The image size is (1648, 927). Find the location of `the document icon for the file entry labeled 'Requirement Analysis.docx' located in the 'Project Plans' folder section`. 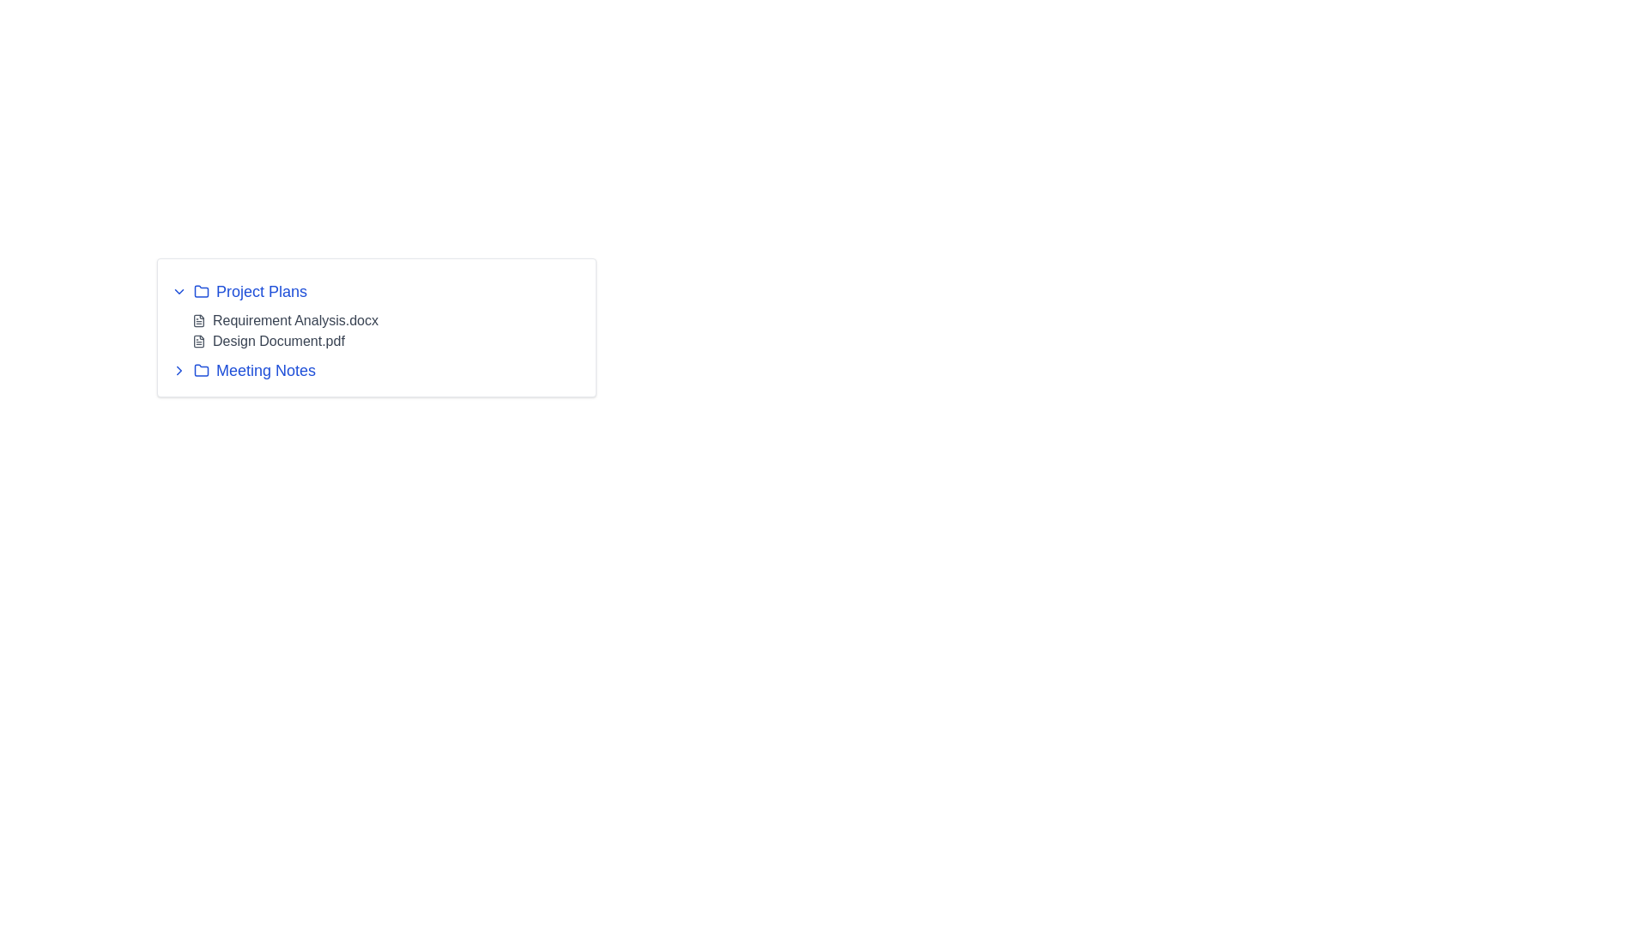

the document icon for the file entry labeled 'Requirement Analysis.docx' located in the 'Project Plans' folder section is located at coordinates (198, 321).